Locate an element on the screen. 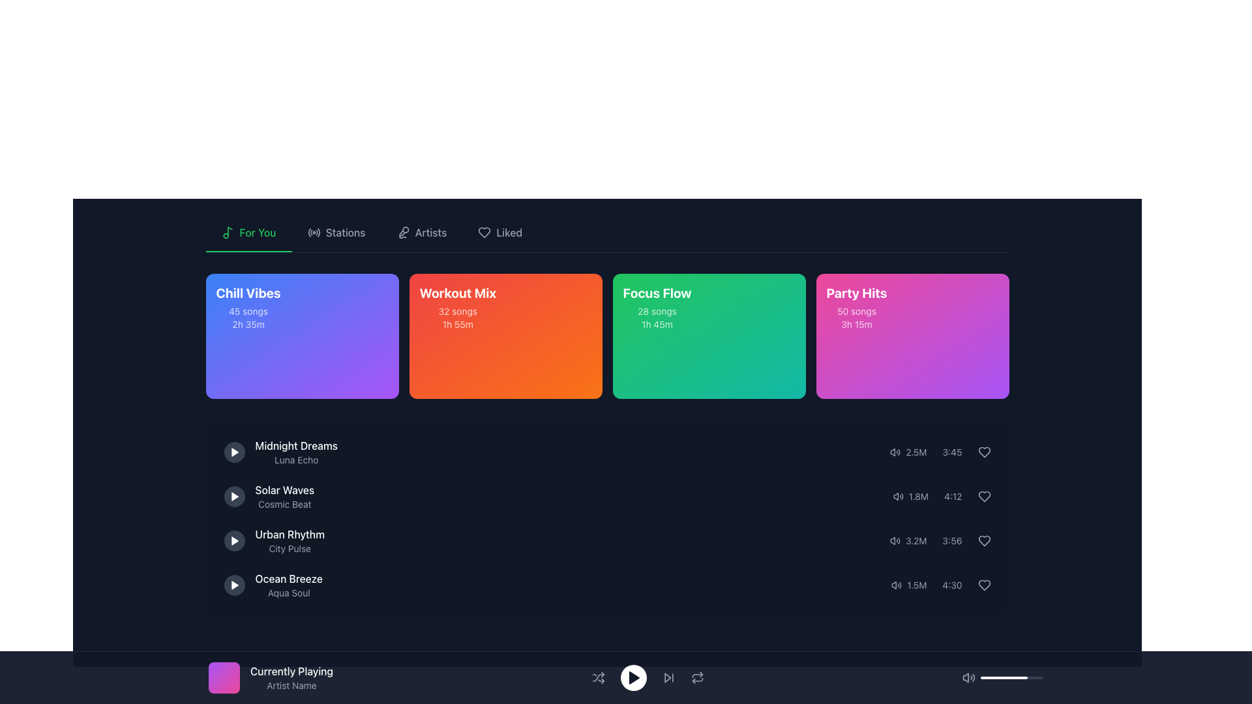 This screenshot has width=1252, height=704. the 'Focus Flow' playlist text block, which is the third card in the playlist grid, located between 'Workout Mix' and 'Party Hits' is located at coordinates (657, 307).